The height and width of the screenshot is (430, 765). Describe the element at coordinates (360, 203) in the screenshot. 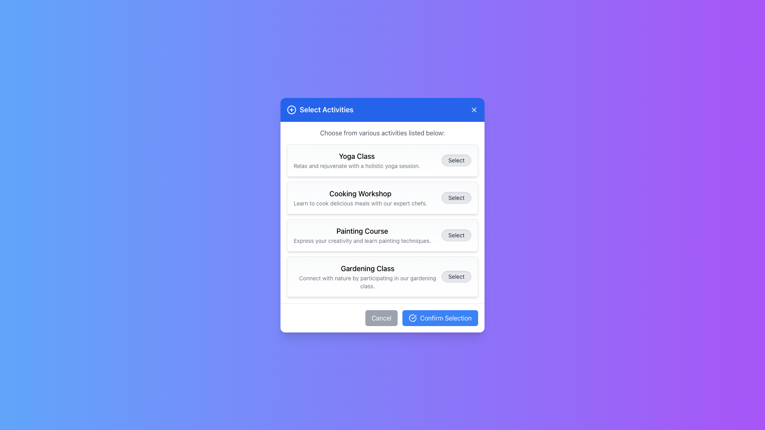

I see `the static text that provides a brief description of the 'Cooking Workshop' activity, positioned beneath the workshop title` at that location.